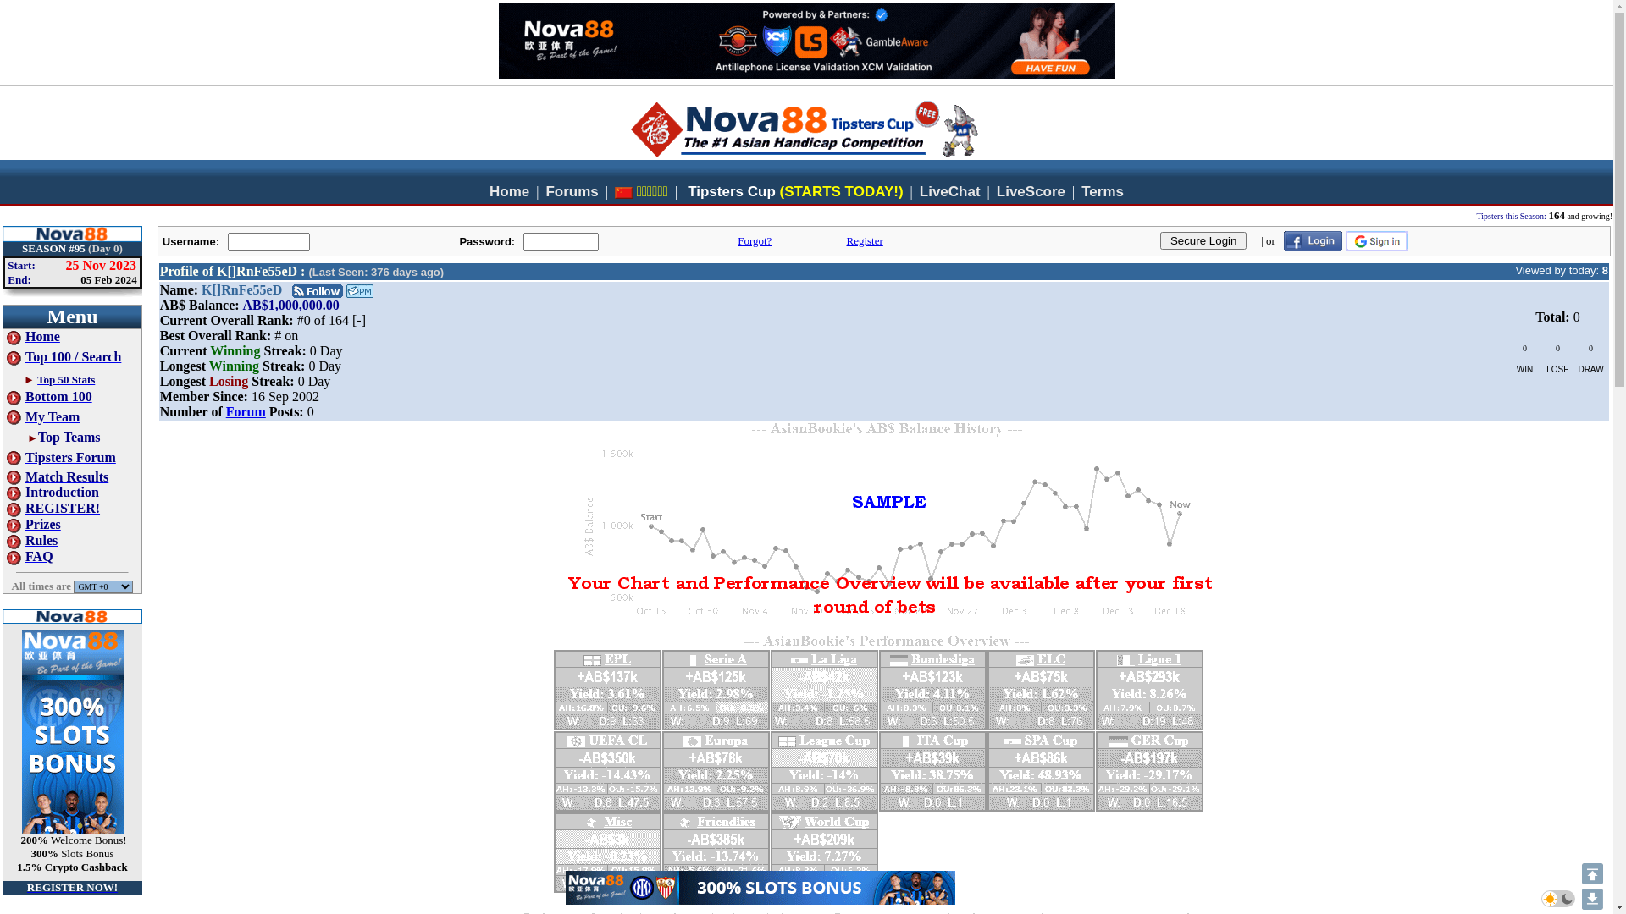  I want to click on ' Secure Login ', so click(1202, 240).